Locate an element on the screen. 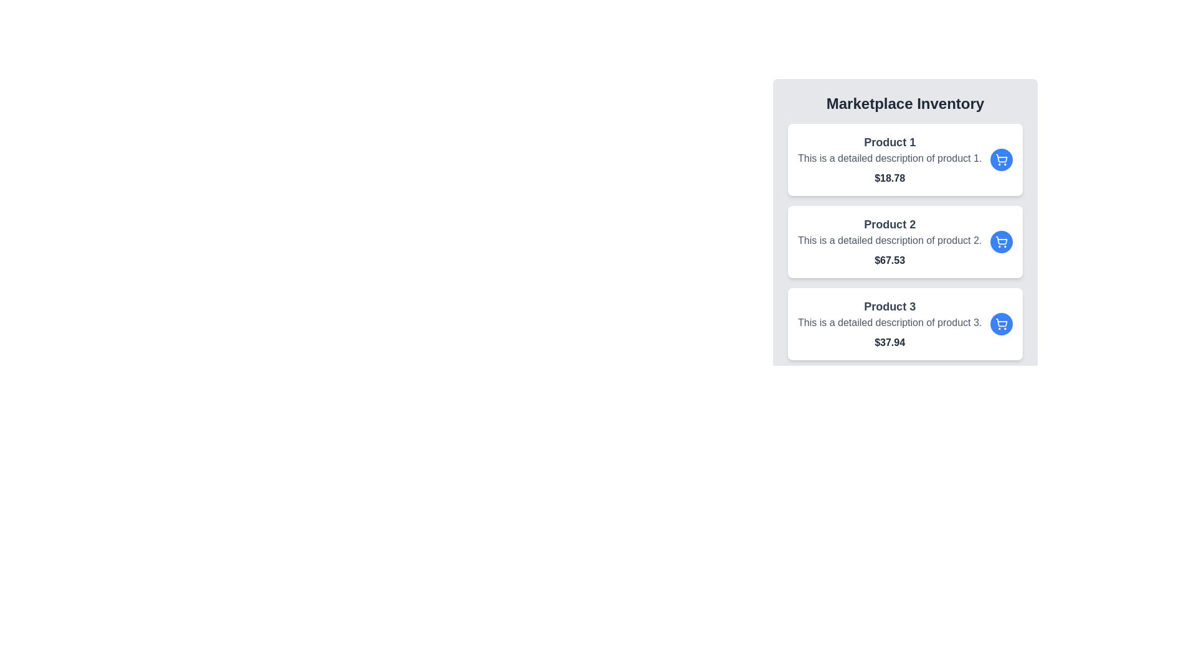 The image size is (1196, 672). the price text '$37.94' displayed in bold gray font, which is located below the descriptive text for 'Product 3' is located at coordinates (889, 343).